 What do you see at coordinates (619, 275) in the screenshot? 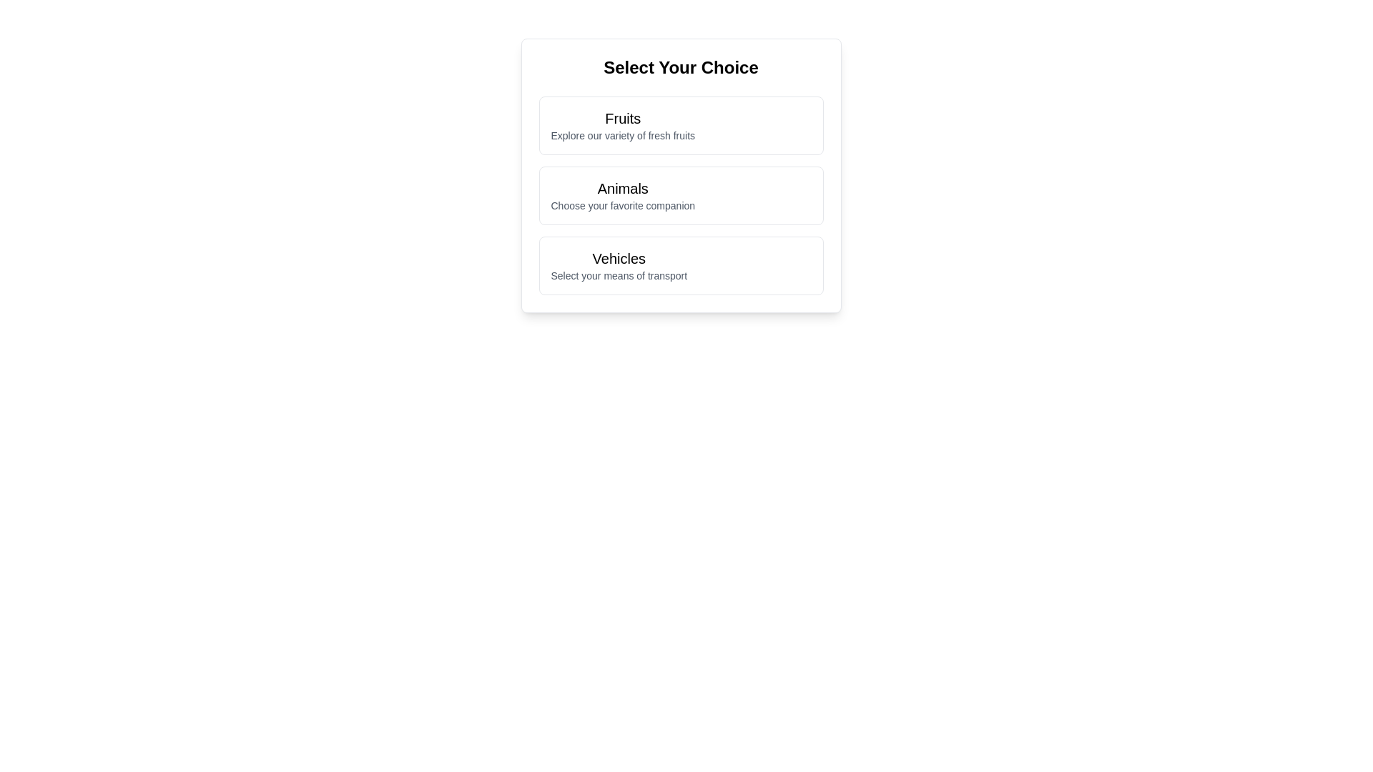
I see `the Text Label that provides additional descriptive text or instructions relevant to the 'Vehicles' selection card, located in the middle of the application's content area` at bounding box center [619, 275].